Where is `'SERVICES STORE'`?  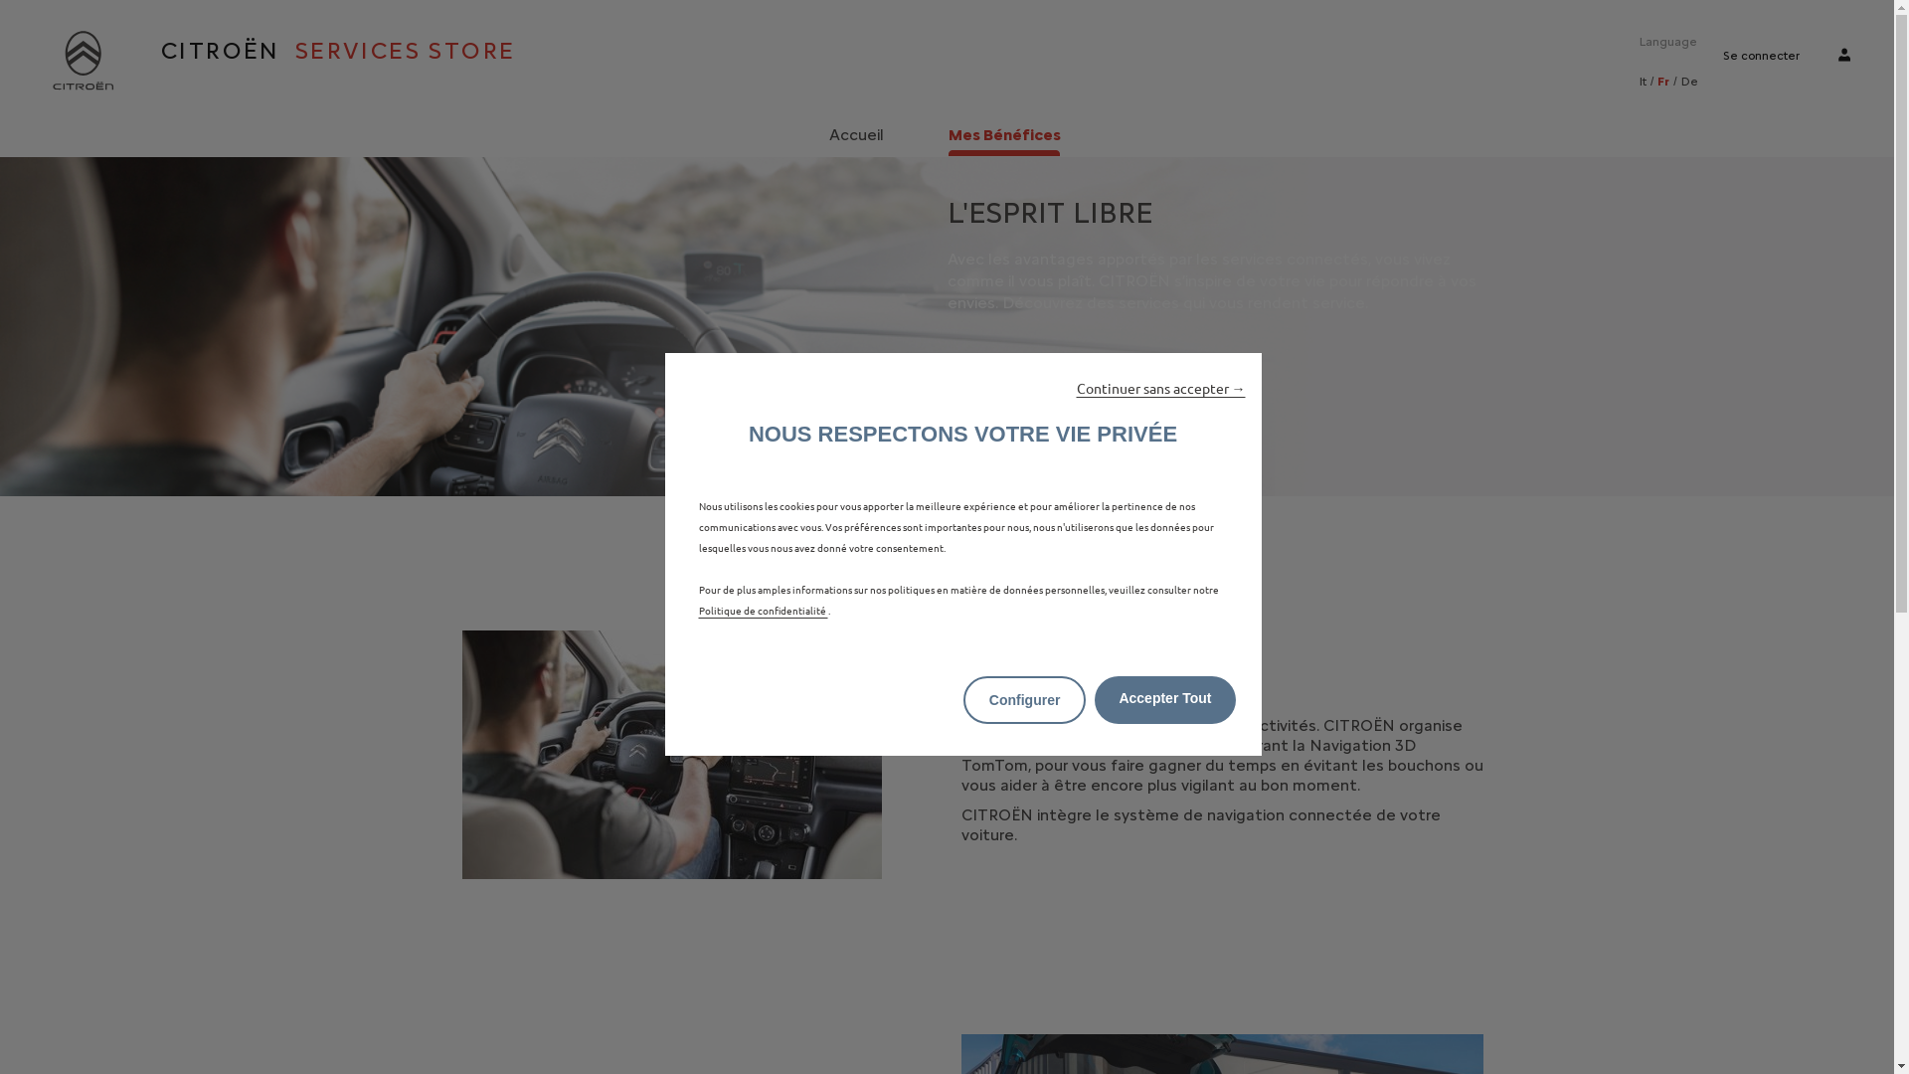
'SERVICES STORE' is located at coordinates (279, 49).